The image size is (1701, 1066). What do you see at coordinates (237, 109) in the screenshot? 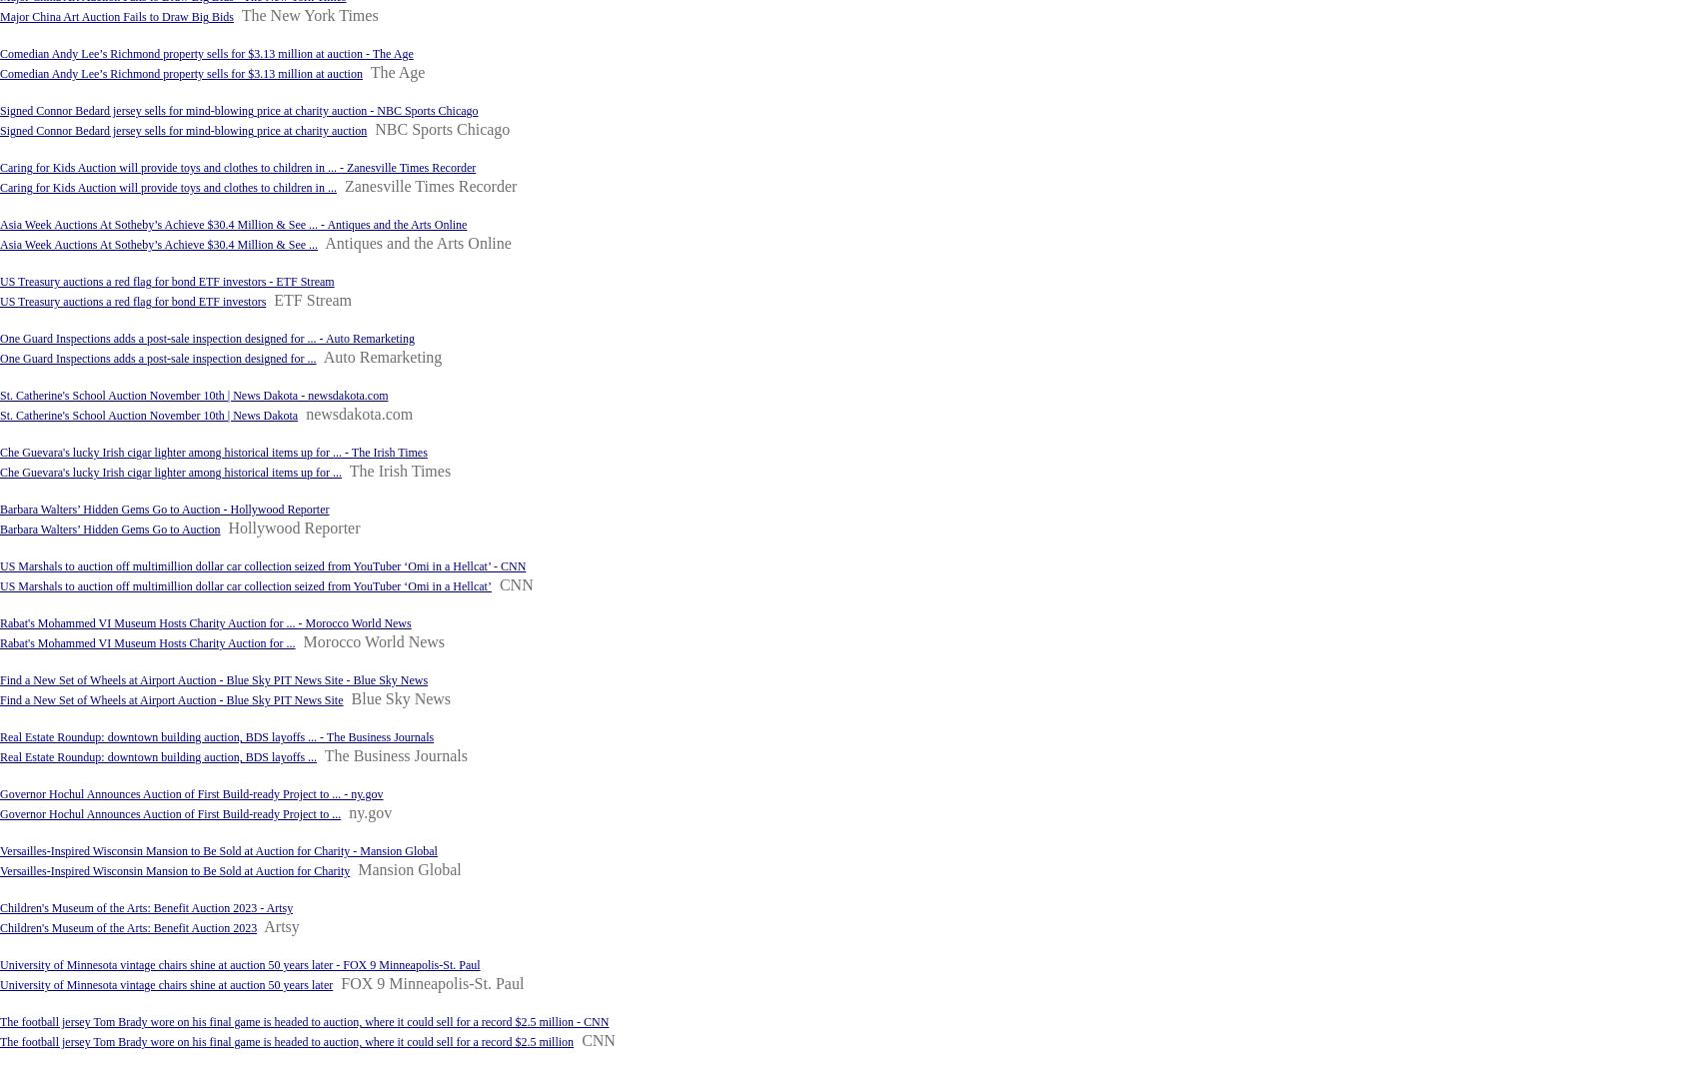
I see `'Signed Connor Bedard jersey sells for mind-blowing price at charity auction - NBC Sports Chicago'` at bounding box center [237, 109].